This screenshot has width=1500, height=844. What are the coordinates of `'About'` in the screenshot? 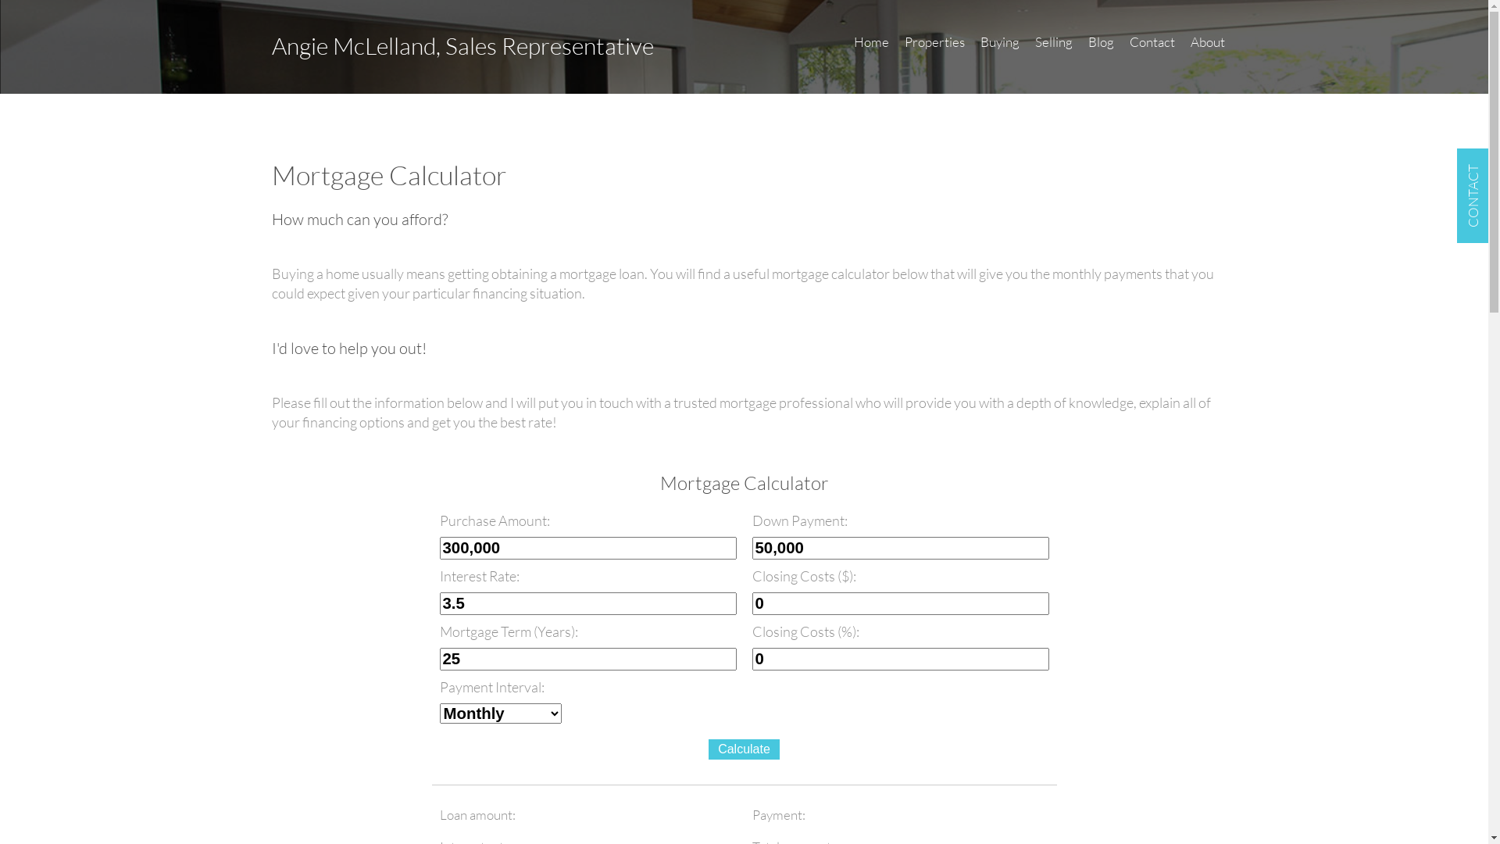 It's located at (1206, 47).